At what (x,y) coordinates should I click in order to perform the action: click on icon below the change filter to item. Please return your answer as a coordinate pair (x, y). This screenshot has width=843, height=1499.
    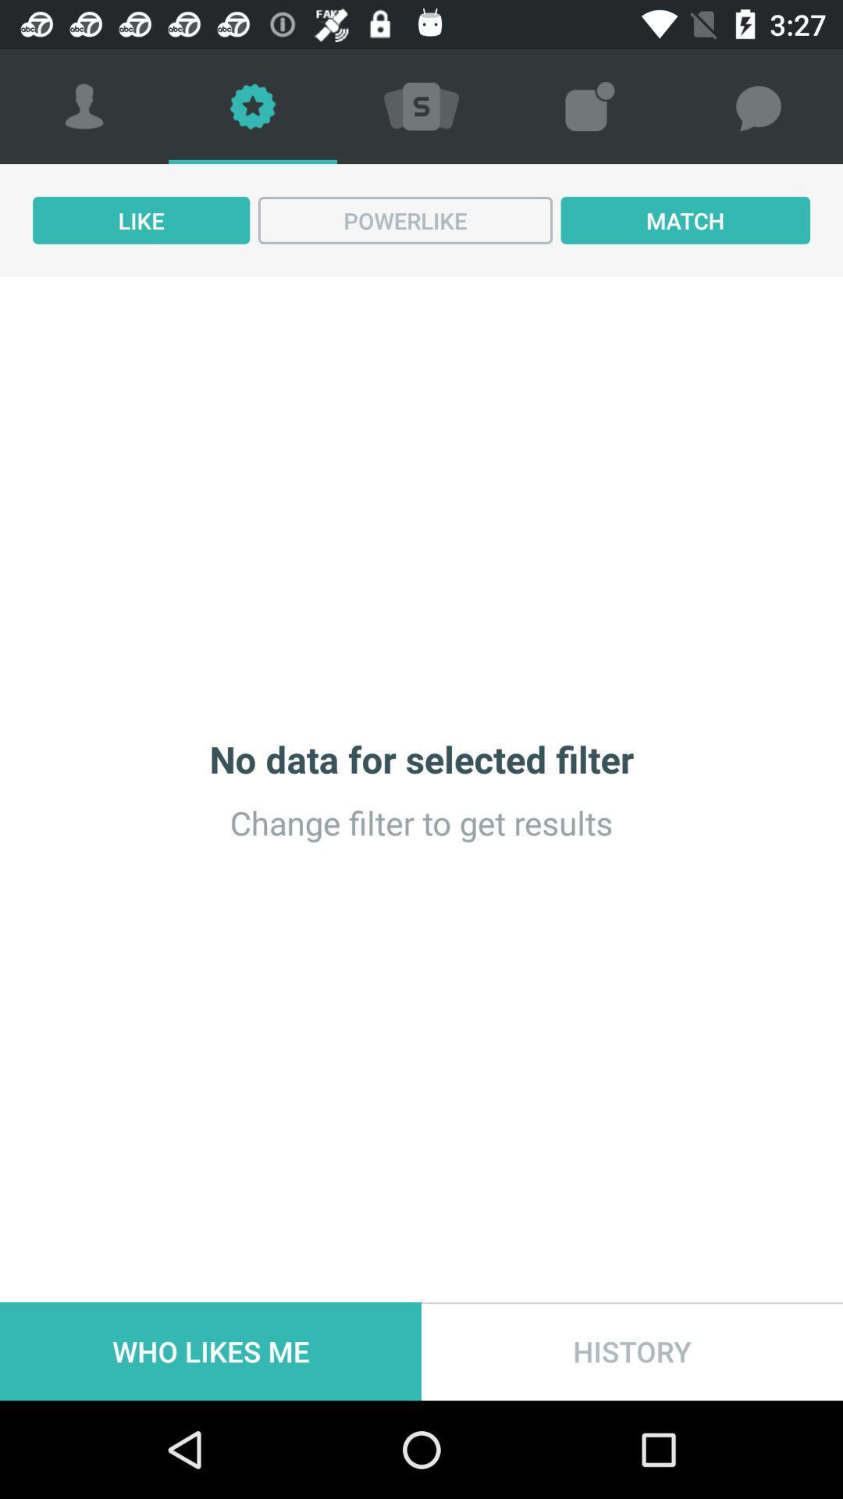
    Looking at the image, I should click on (632, 1351).